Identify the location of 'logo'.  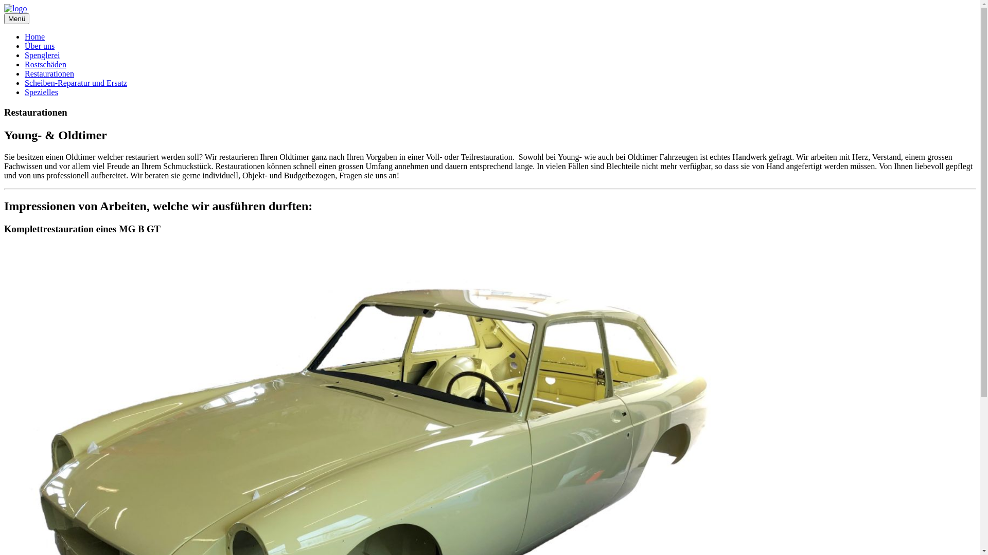
(15, 8).